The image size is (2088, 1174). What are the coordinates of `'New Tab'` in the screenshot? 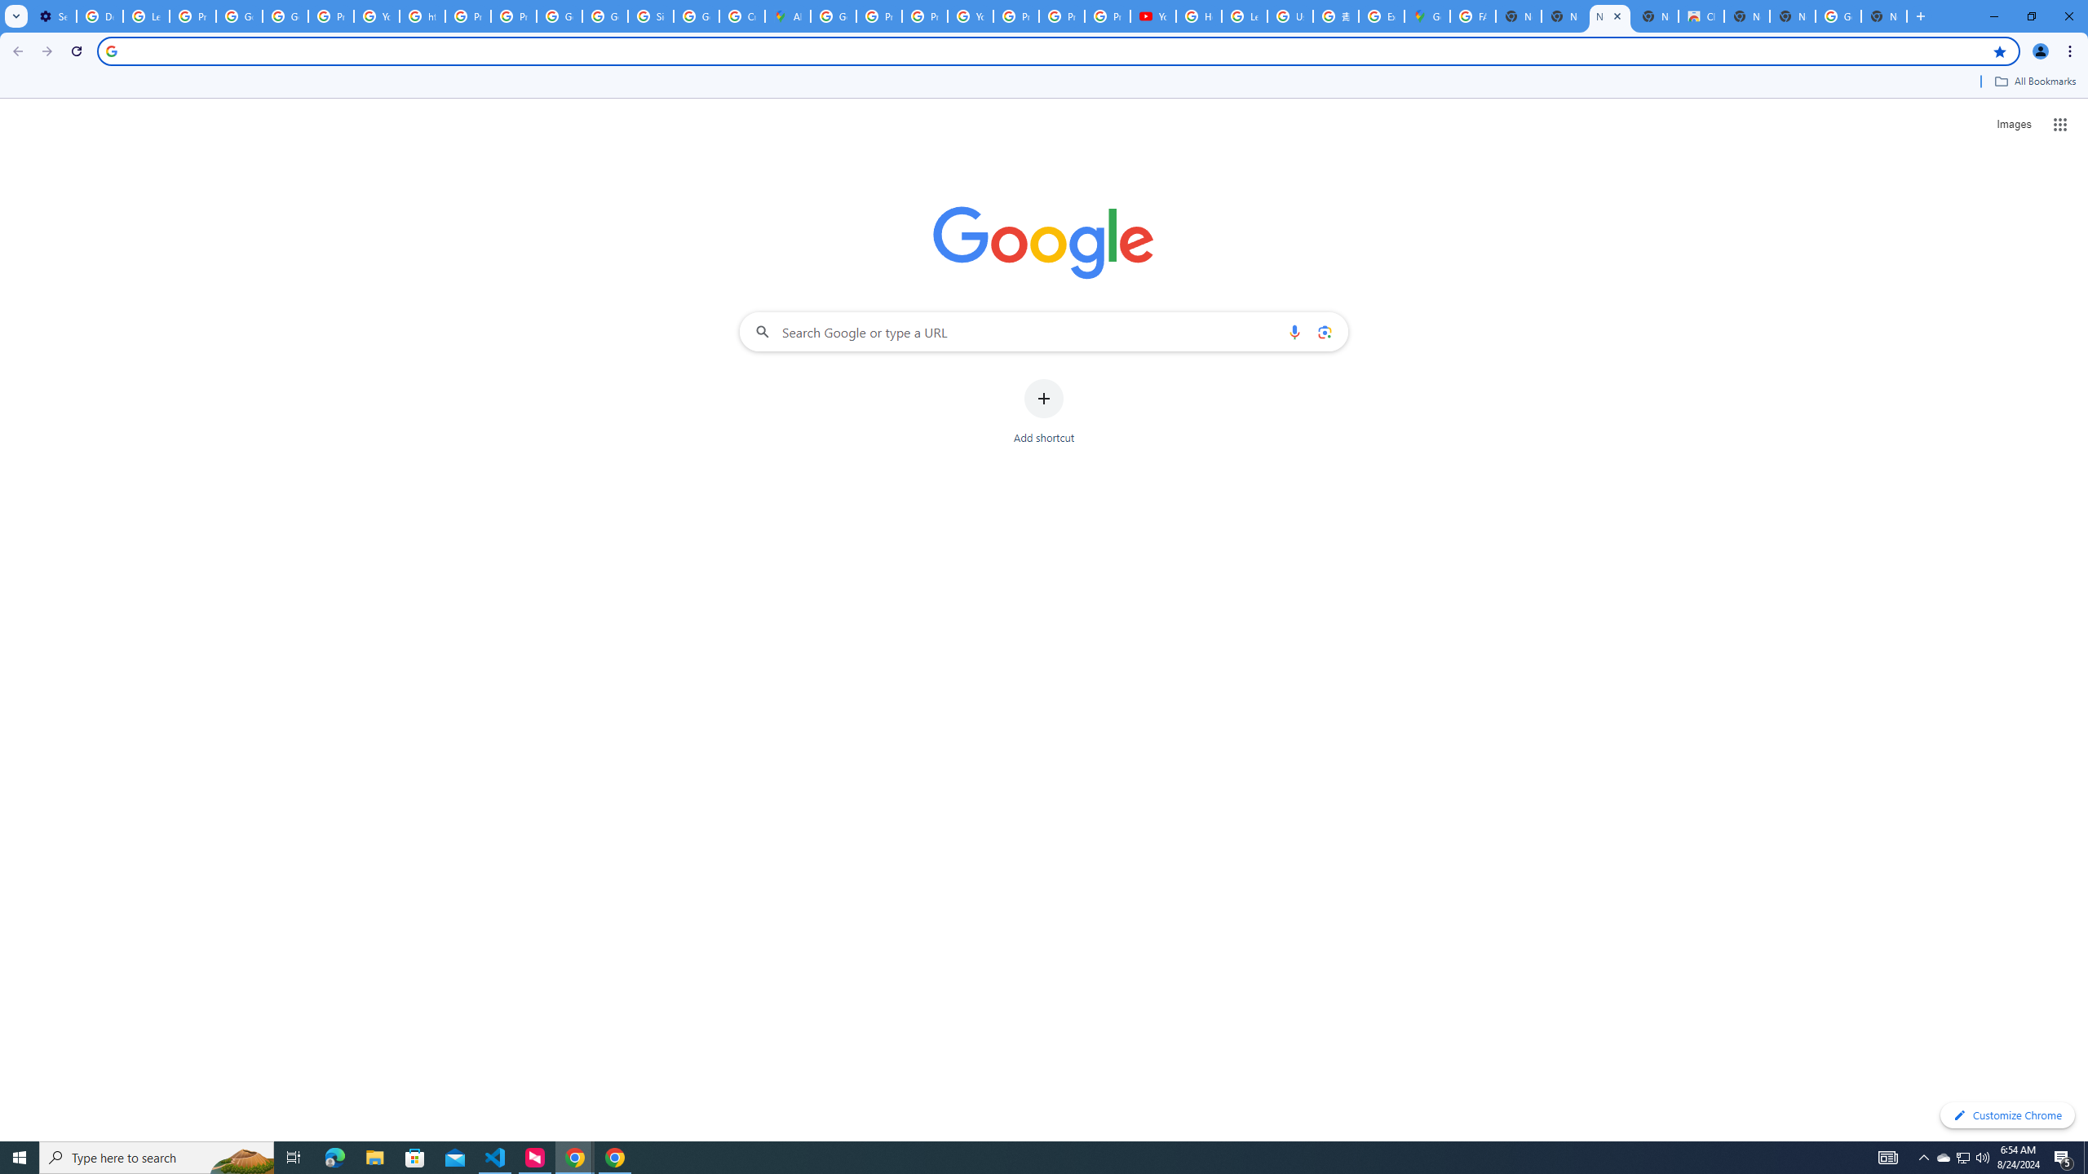 It's located at (1792, 15).